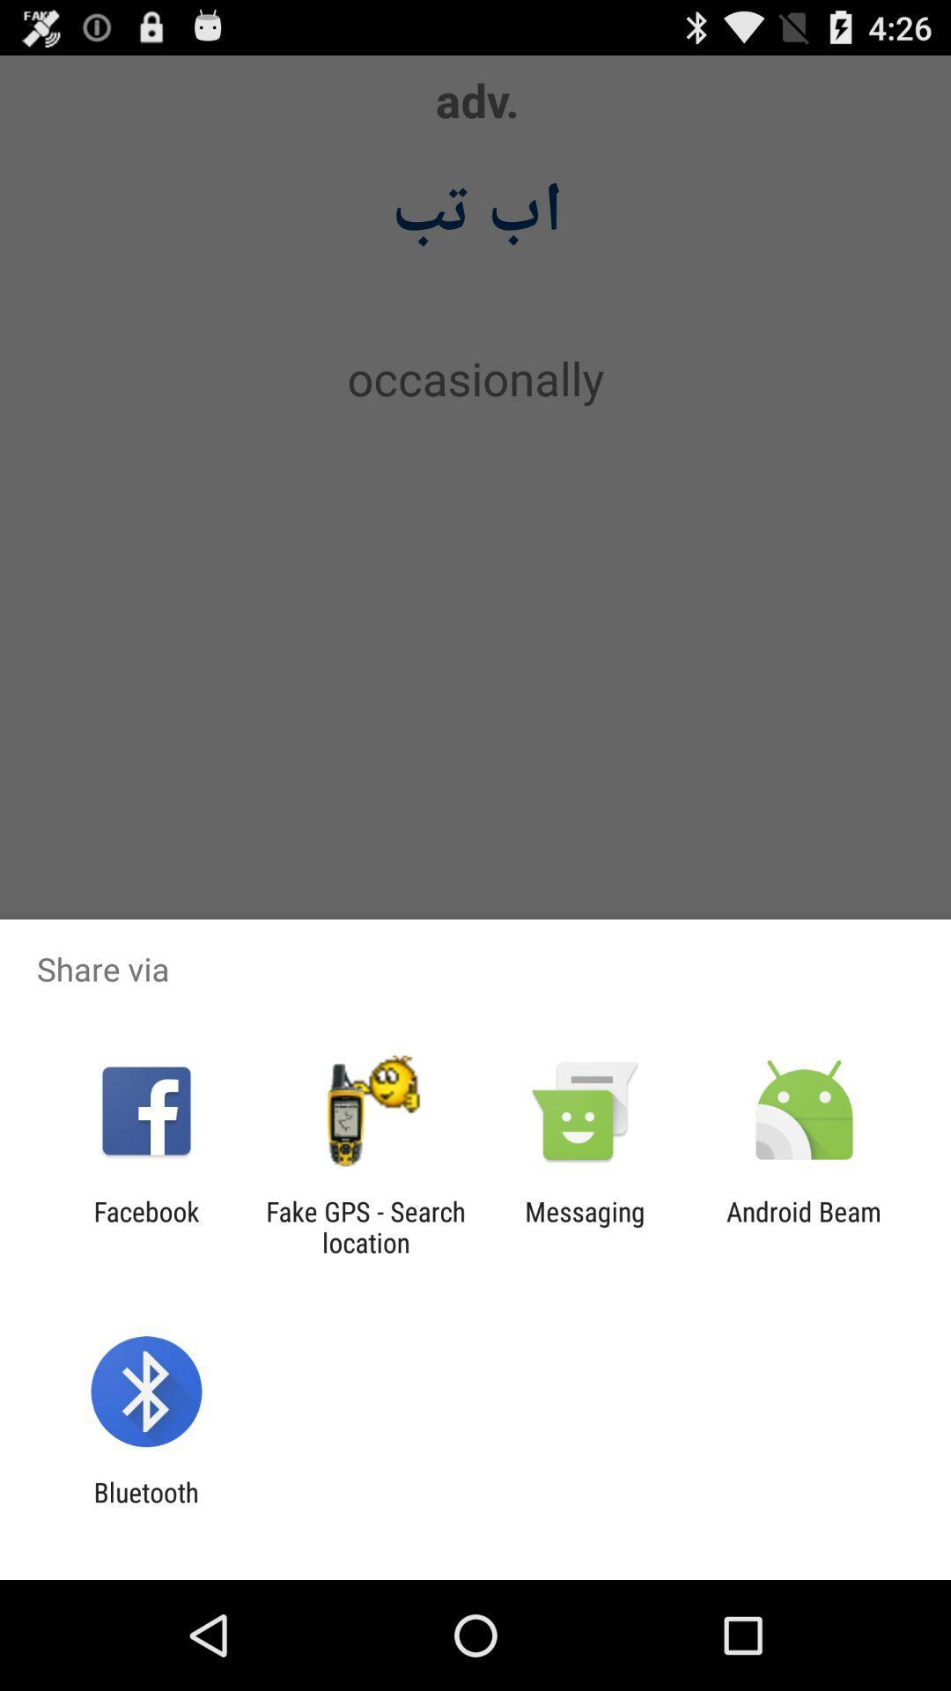  I want to click on the android beam, so click(804, 1226).